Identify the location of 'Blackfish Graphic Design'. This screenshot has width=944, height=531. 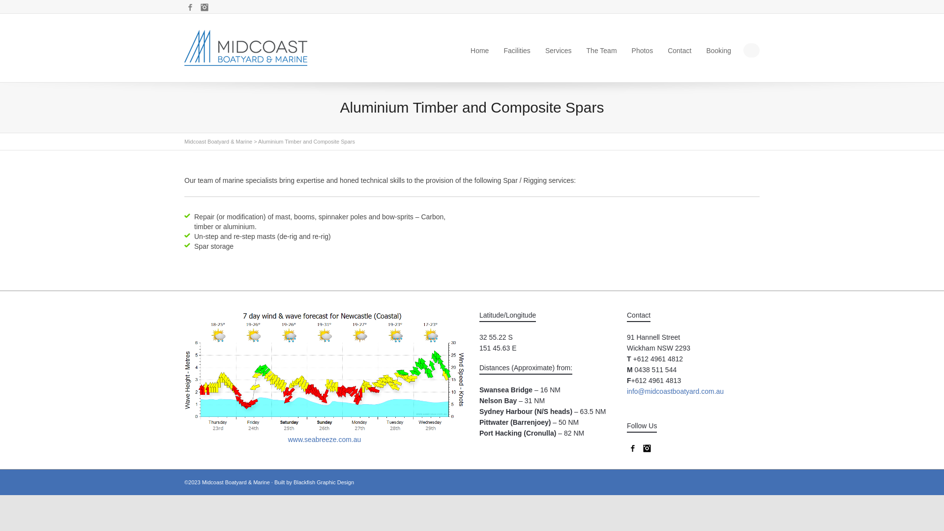
(324, 481).